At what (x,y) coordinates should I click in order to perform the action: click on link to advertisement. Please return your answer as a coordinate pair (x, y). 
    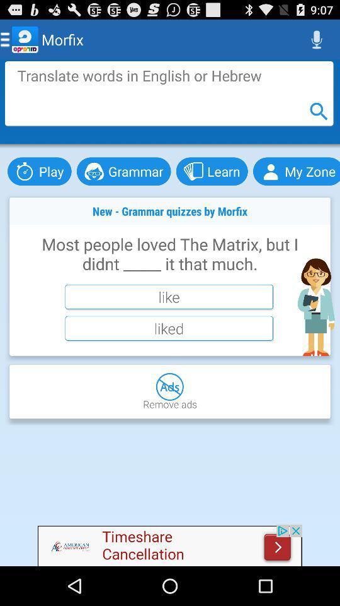
    Looking at the image, I should click on (170, 545).